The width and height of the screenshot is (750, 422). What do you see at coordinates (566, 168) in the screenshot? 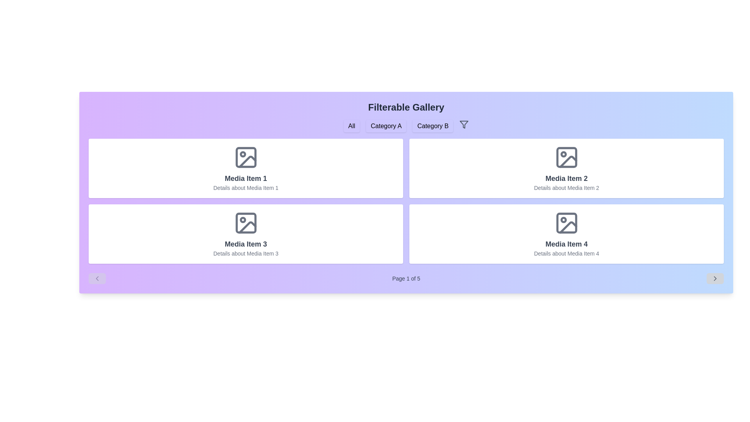
I see `the card in the second position of the first row within the gallery grid that provides information about a media item` at bounding box center [566, 168].